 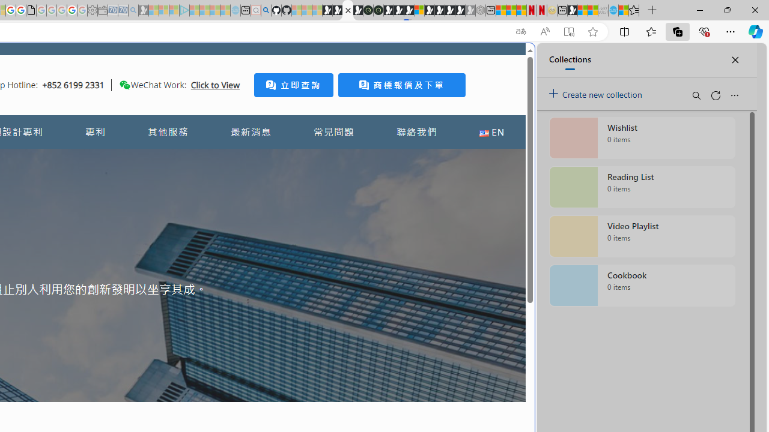 What do you see at coordinates (336, 10) in the screenshot?
I see `'Play Zoo Boom in your browser | Games from Microsoft Start'` at bounding box center [336, 10].